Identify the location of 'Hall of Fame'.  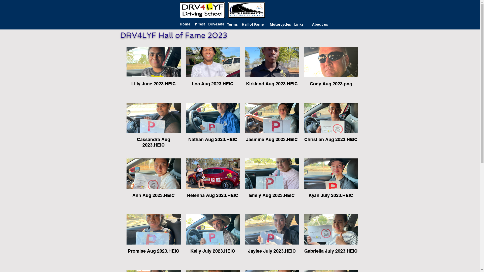
(252, 24).